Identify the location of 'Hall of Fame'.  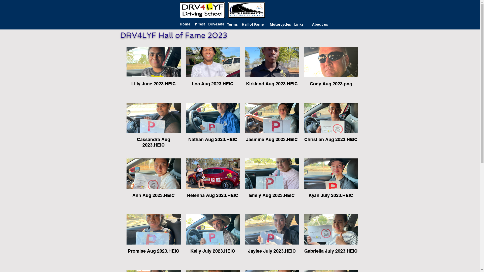
(252, 24).